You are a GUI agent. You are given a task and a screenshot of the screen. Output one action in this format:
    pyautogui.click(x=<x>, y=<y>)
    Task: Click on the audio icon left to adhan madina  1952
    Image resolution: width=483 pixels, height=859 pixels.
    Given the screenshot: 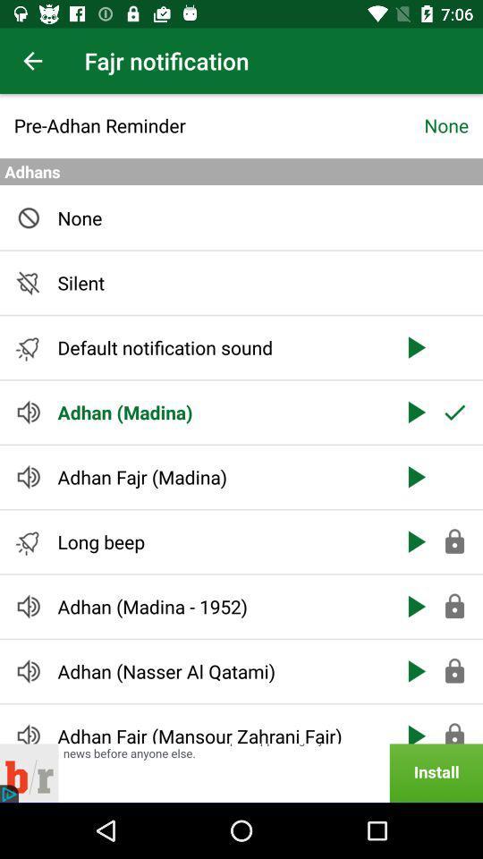 What is the action you would take?
    pyautogui.click(x=28, y=607)
    